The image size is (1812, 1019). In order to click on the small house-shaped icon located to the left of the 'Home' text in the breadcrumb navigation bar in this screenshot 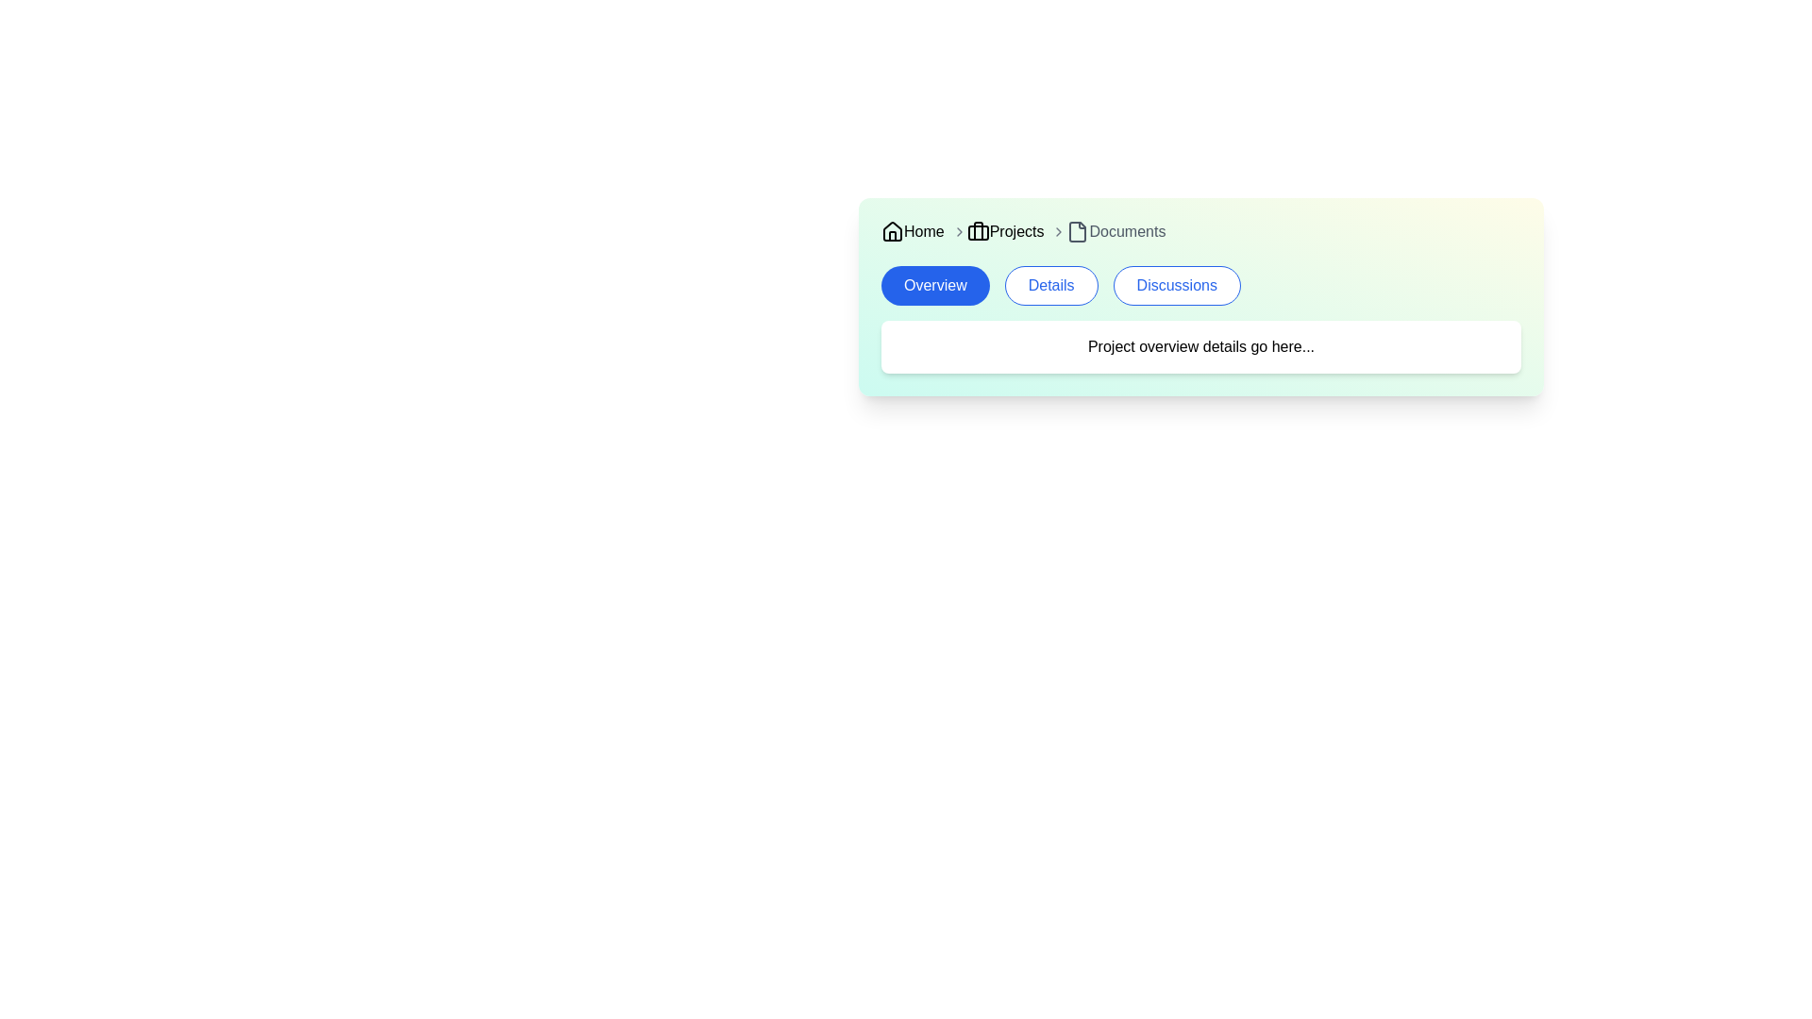, I will do `click(891, 231)`.